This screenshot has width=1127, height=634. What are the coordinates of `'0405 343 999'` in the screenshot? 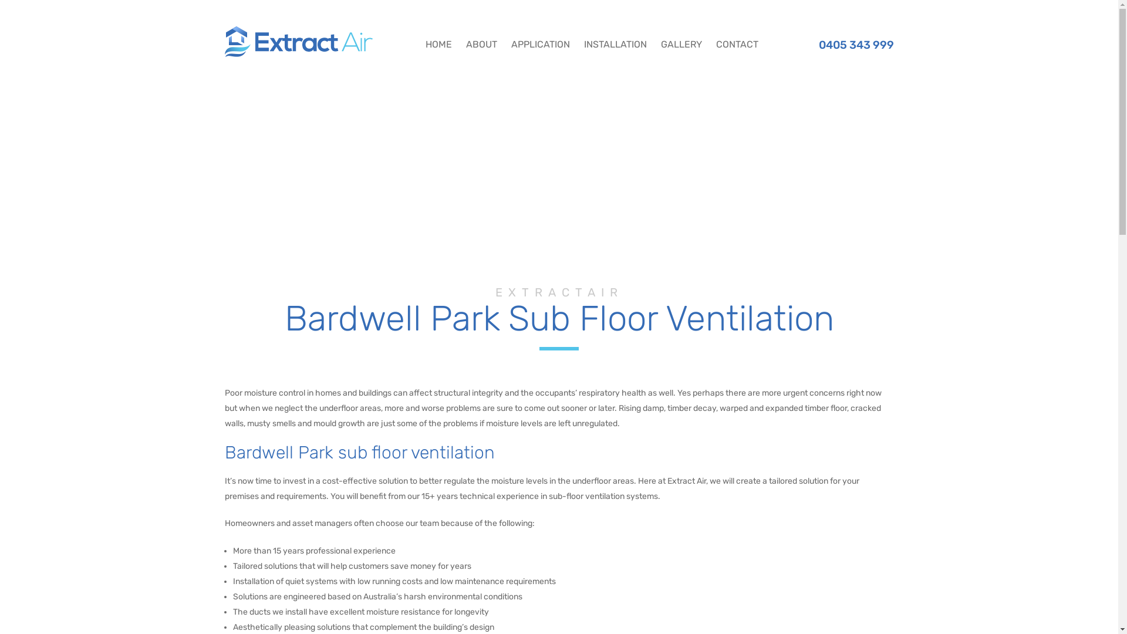 It's located at (847, 44).